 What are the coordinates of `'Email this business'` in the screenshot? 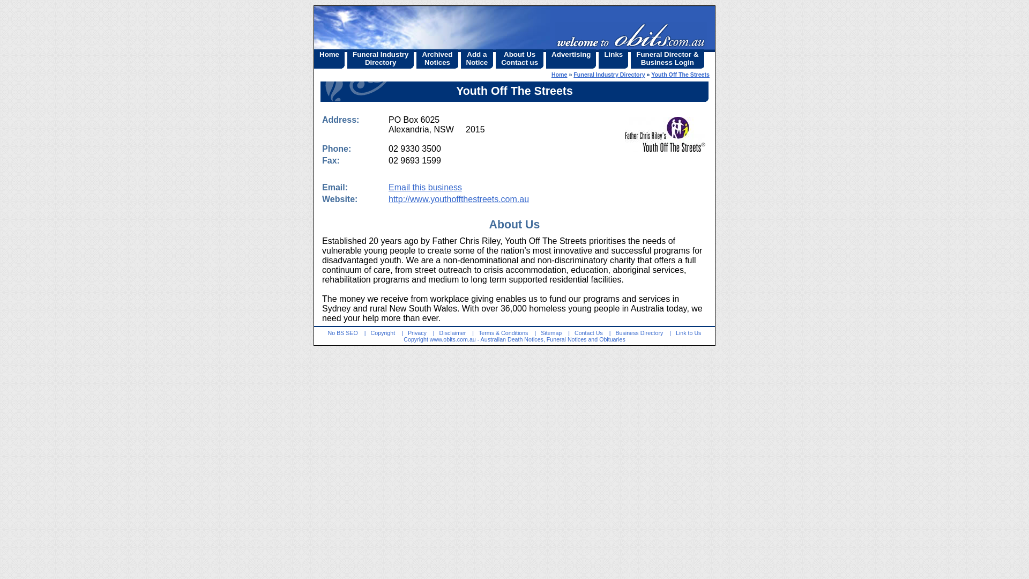 It's located at (424, 187).